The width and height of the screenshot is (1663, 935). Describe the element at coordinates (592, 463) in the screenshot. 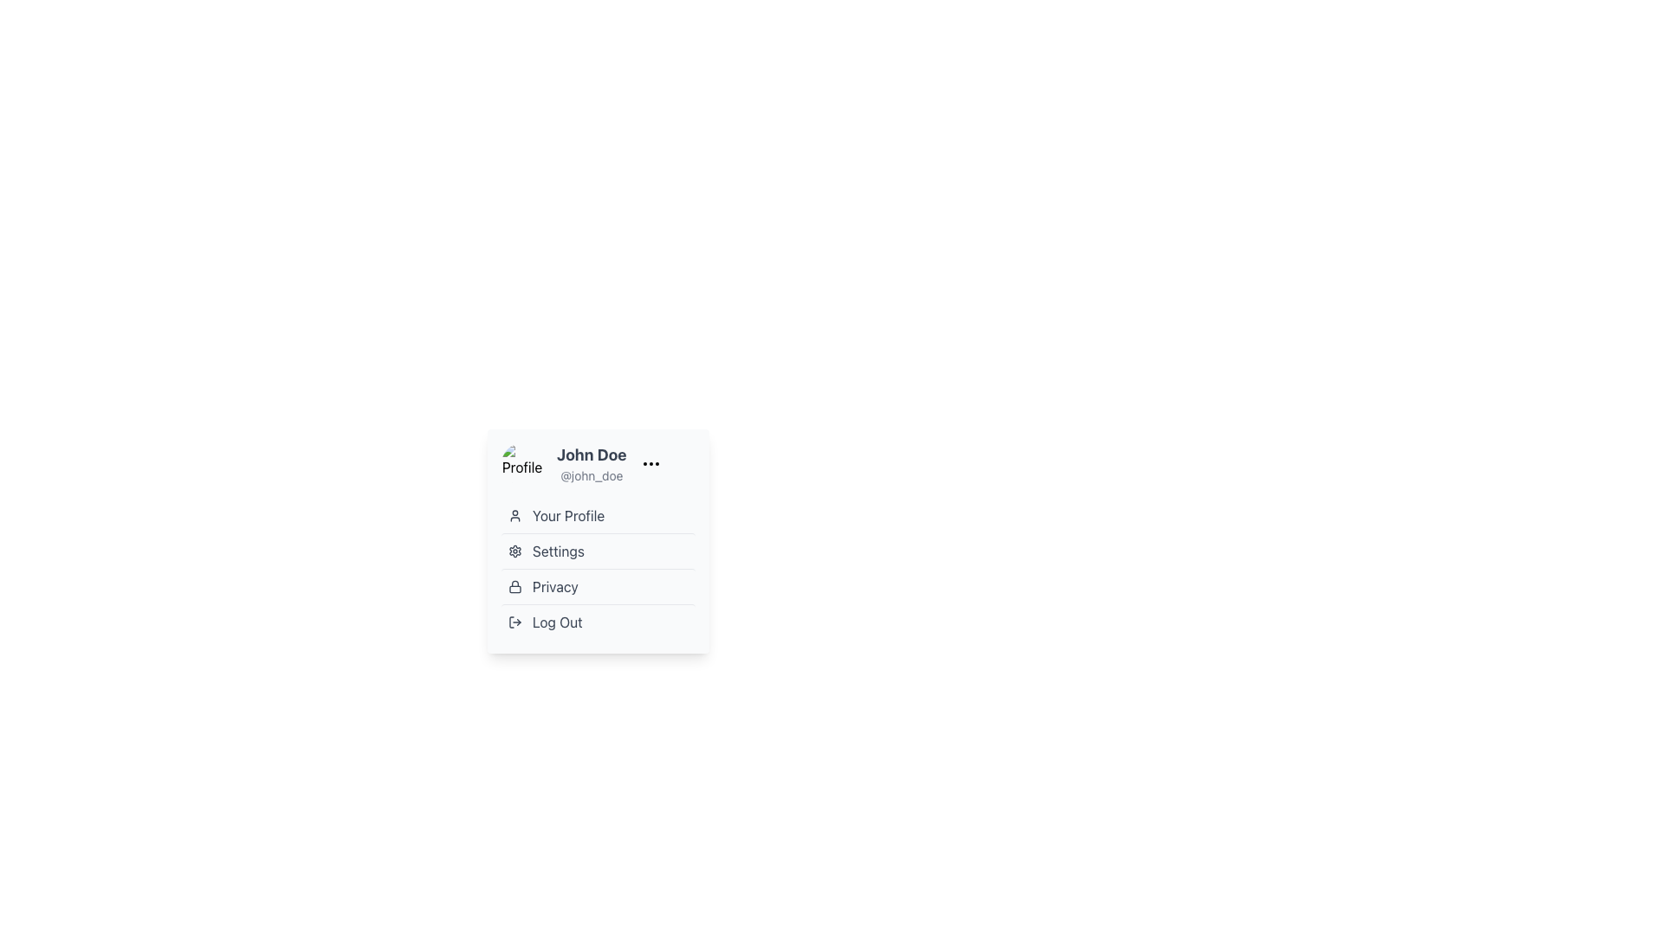

I see `the static text display that shows the user's name and associated username, located in the top section of the options menu, to the right of the circular profile avatar placeholder` at that location.